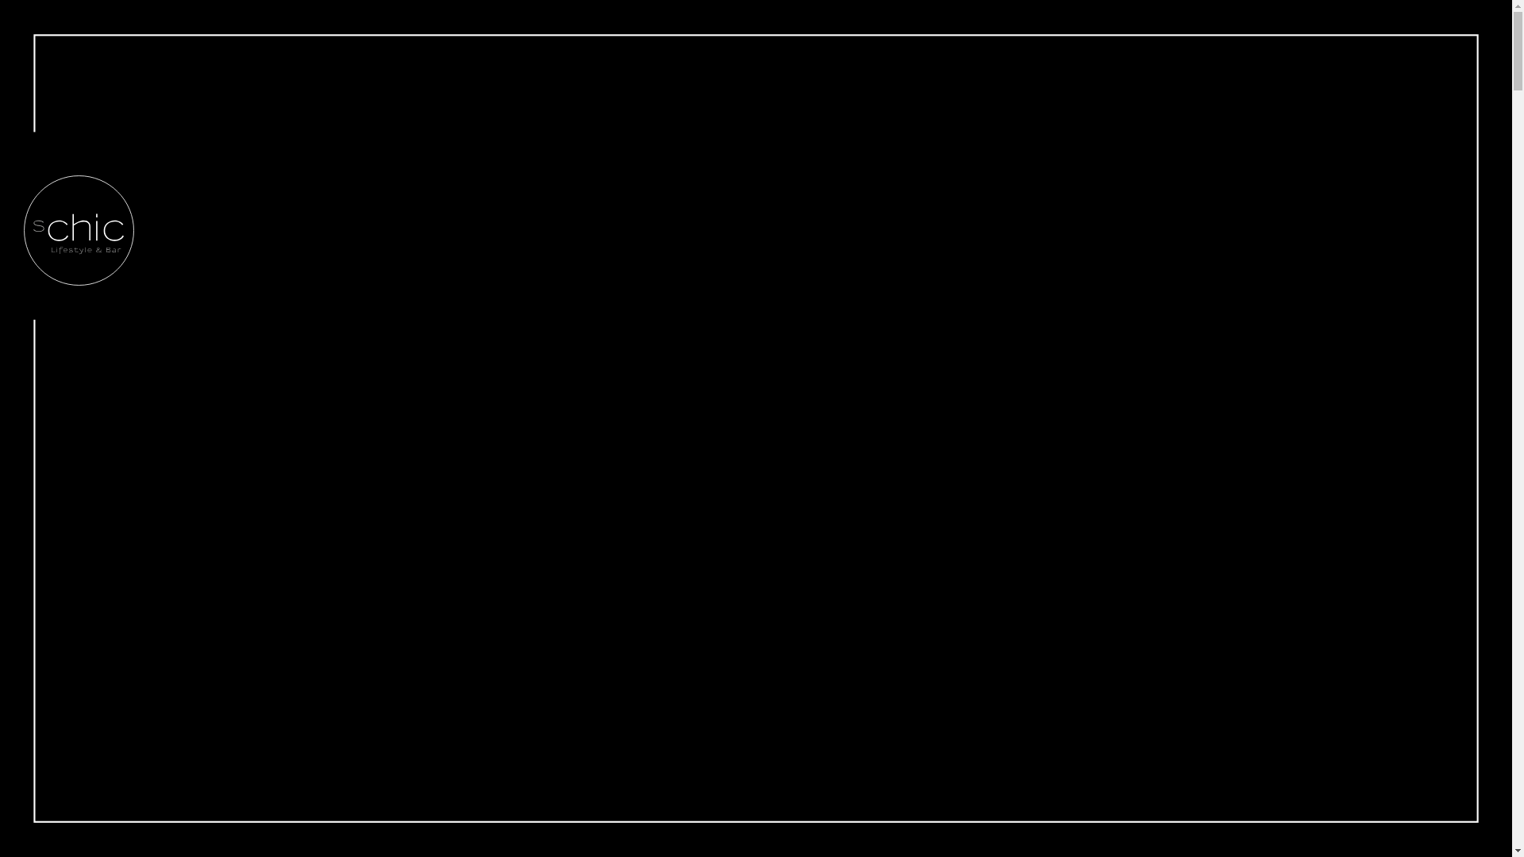 The width and height of the screenshot is (1524, 857). I want to click on 'sChic Bar', so click(78, 281).